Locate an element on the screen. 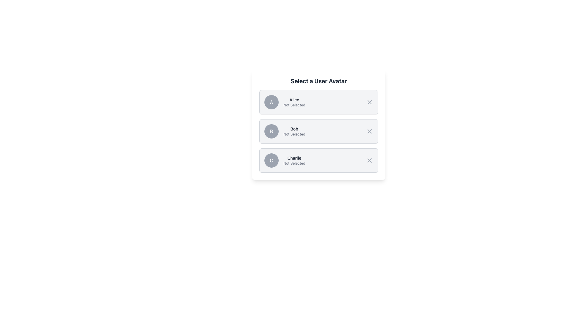 The image size is (571, 321). the circular avatar icon with a gray background and a white letter 'A' is located at coordinates (271, 102).